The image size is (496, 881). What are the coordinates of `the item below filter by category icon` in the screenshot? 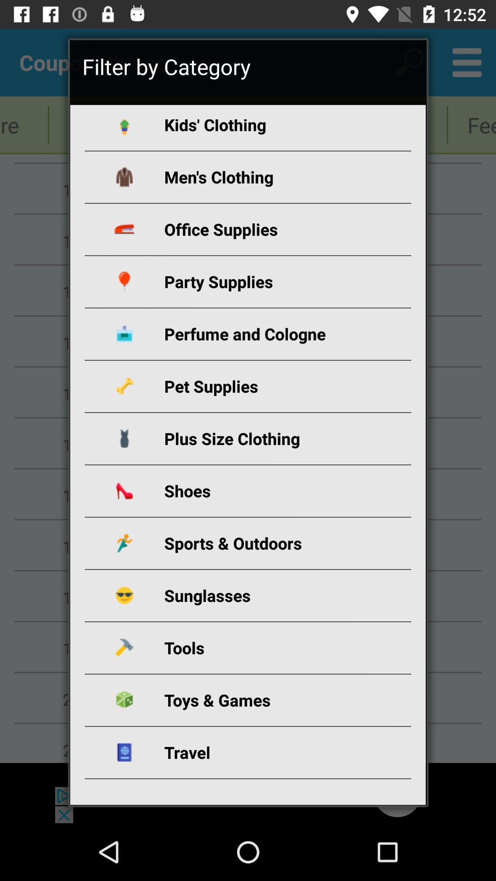 It's located at (259, 127).